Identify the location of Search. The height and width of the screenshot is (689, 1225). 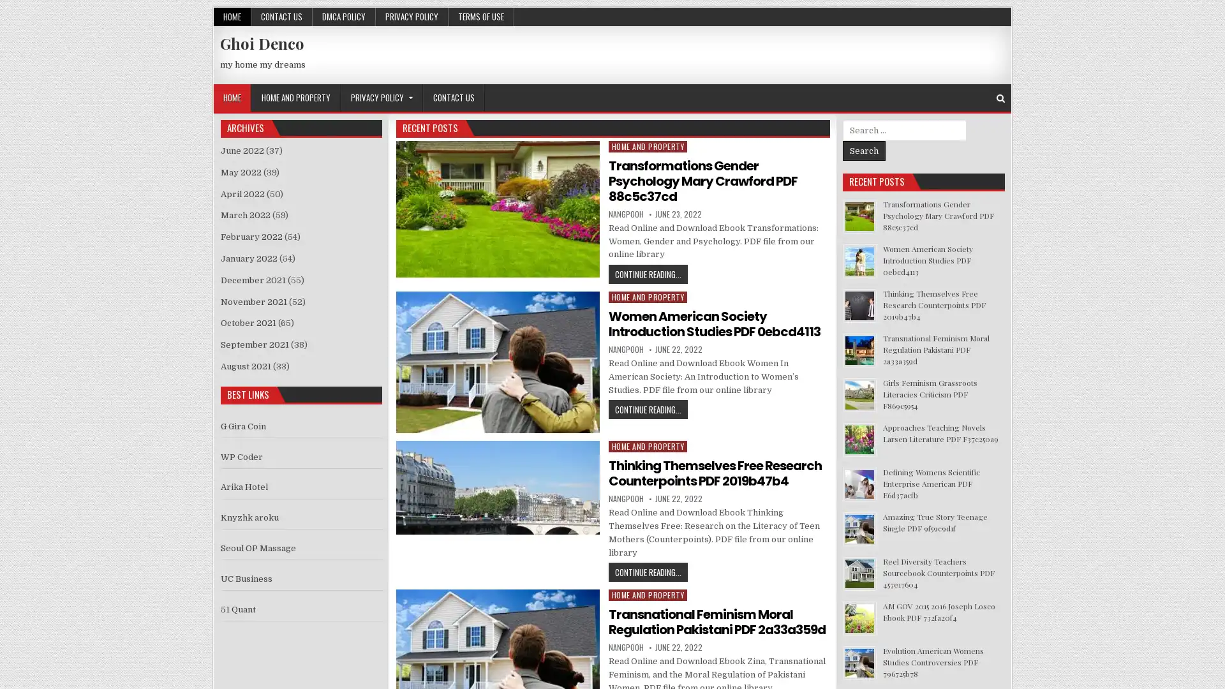
(864, 150).